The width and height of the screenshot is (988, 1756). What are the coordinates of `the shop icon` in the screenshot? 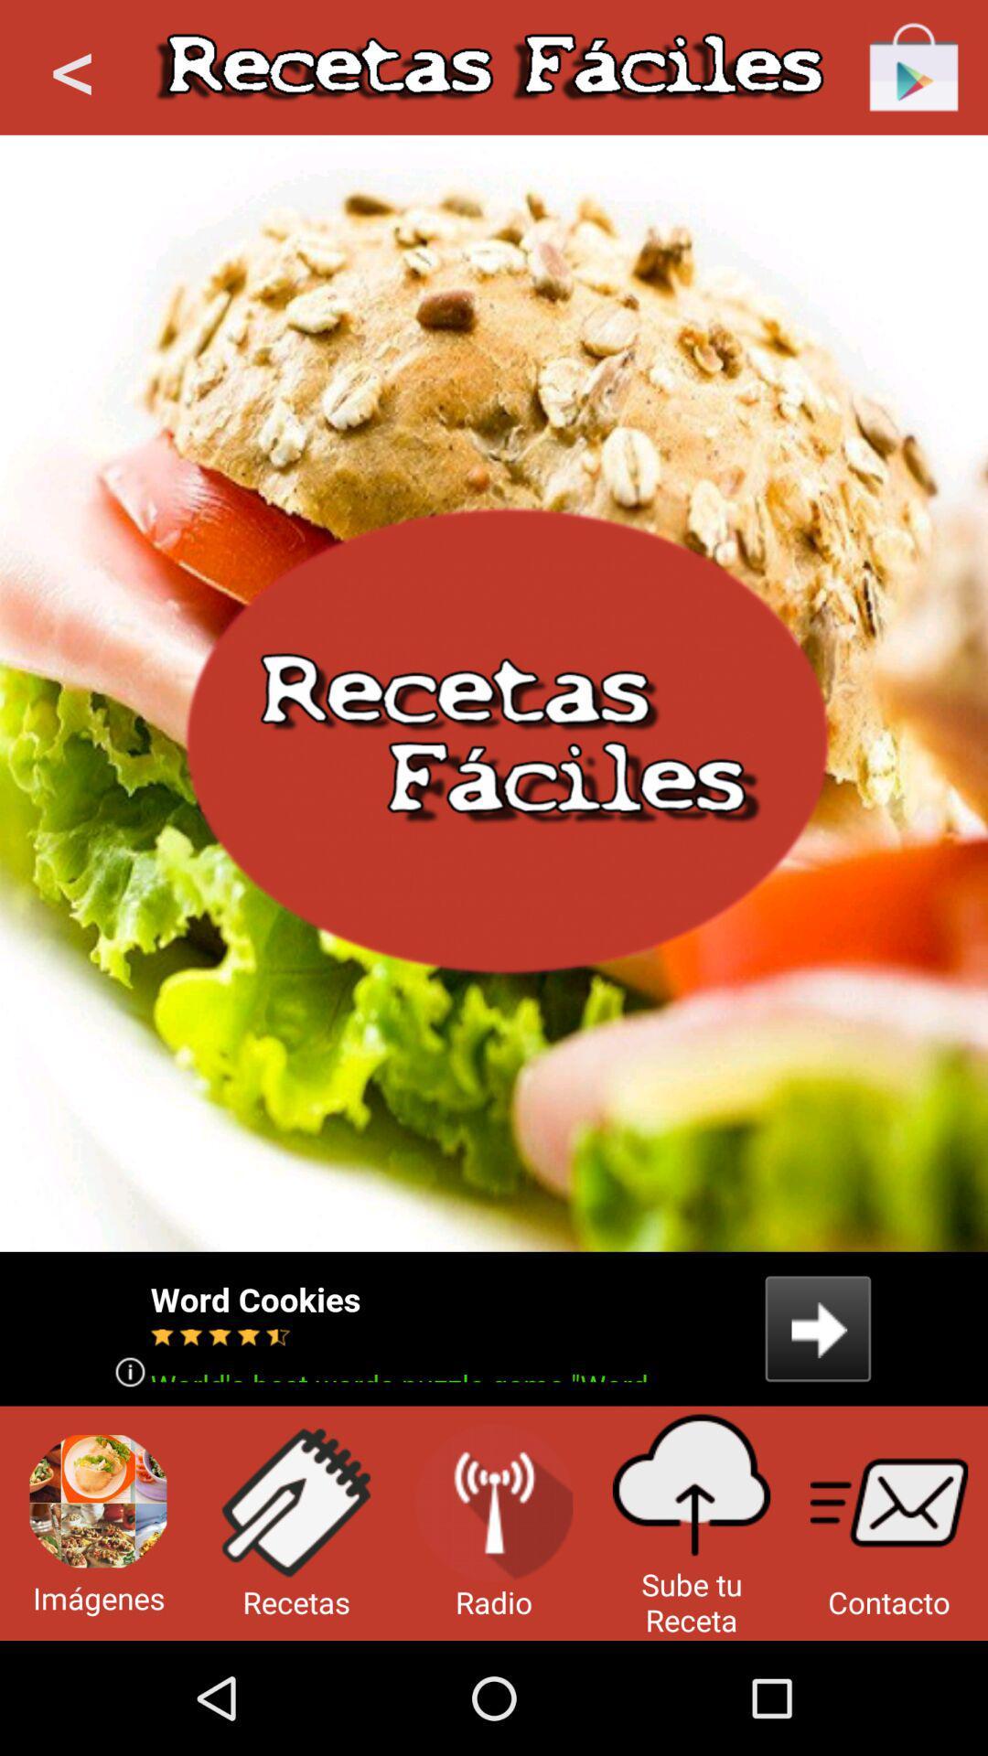 It's located at (914, 71).